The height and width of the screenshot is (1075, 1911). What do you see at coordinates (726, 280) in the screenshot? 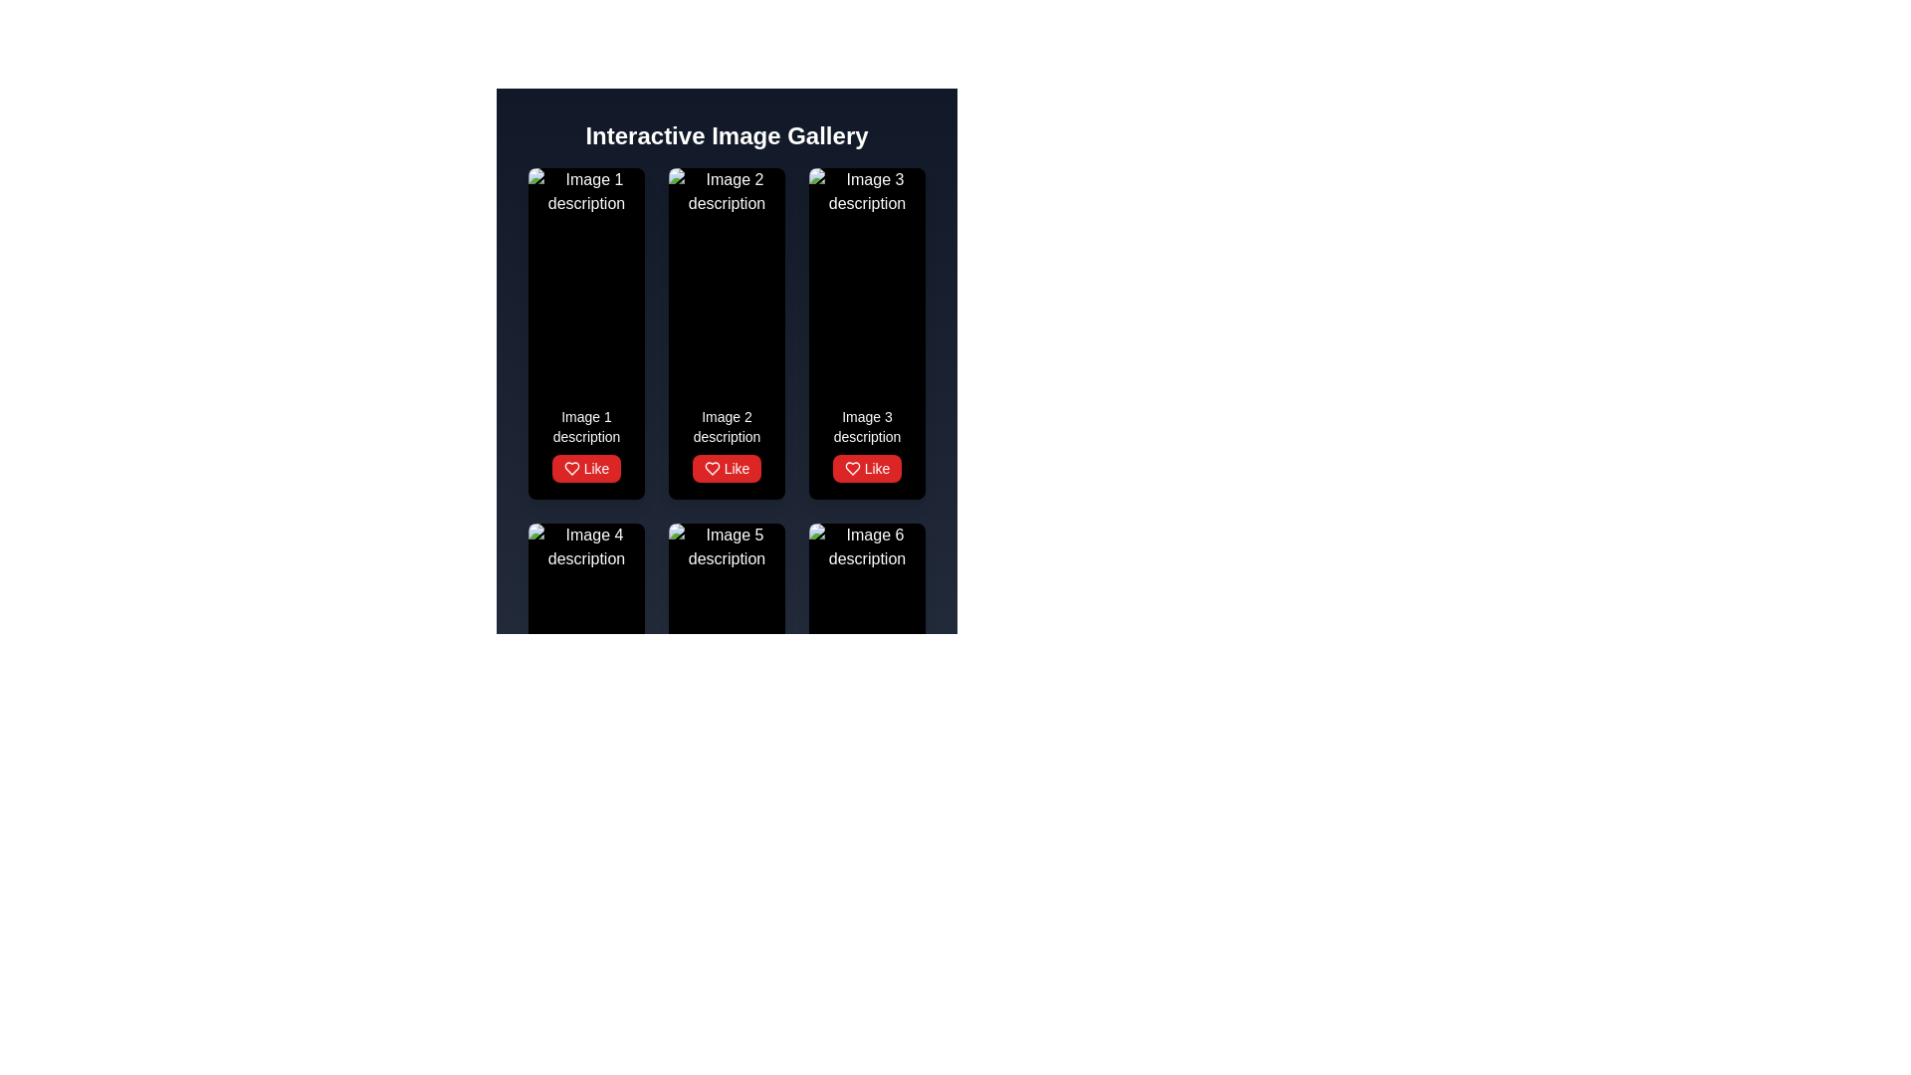
I see `the first image in the second card of a grid layout` at bounding box center [726, 280].